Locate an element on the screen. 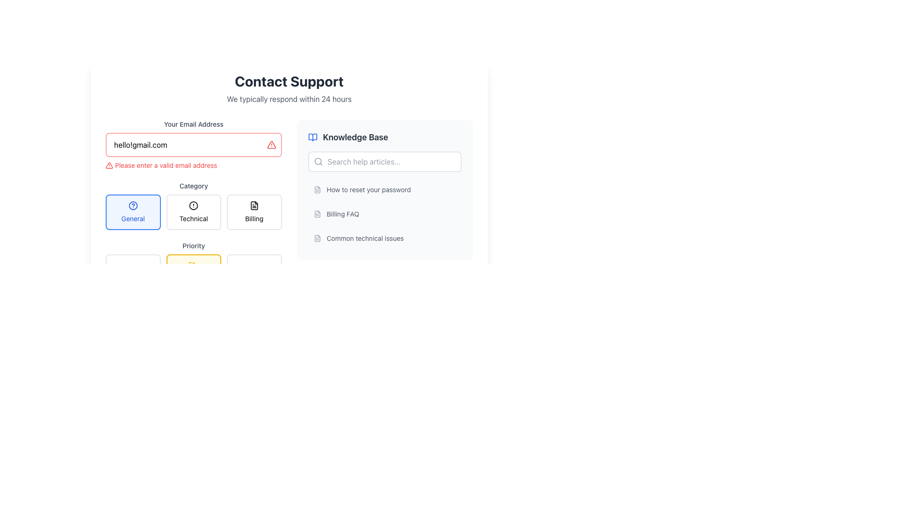 This screenshot has height=505, width=898. the 'Technical' button in the button group is located at coordinates (193, 212).